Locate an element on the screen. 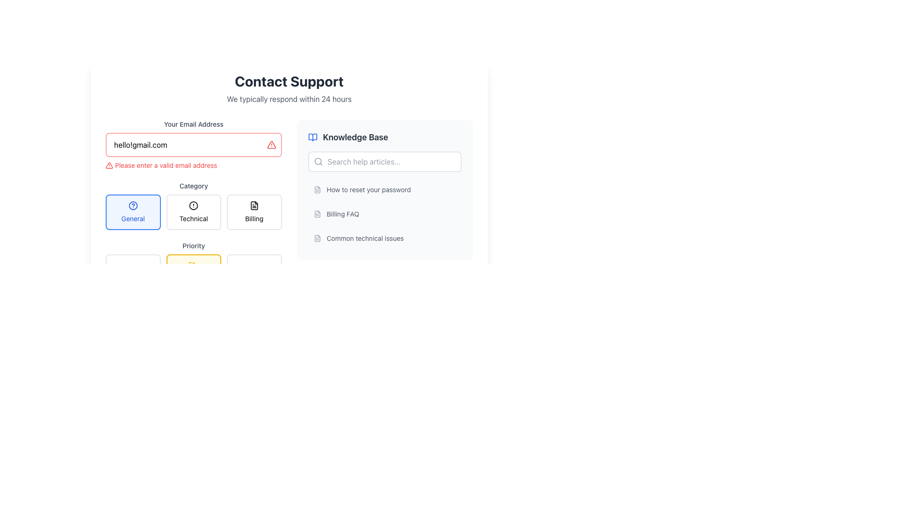 This screenshot has height=505, width=898. the 'Technical' button in the button group is located at coordinates (193, 212).